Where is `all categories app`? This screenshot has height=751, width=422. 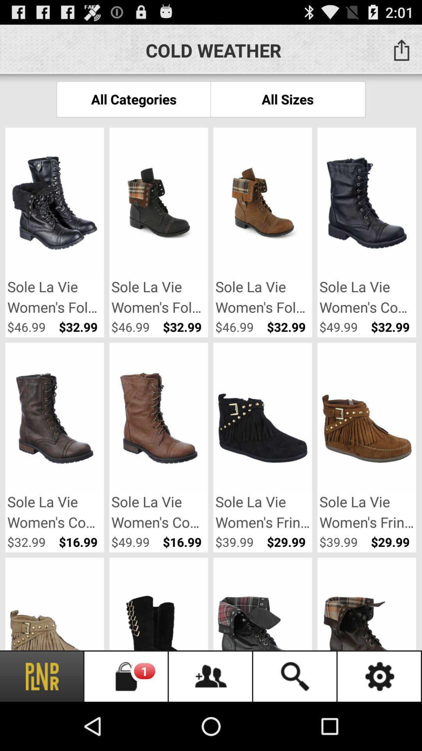
all categories app is located at coordinates (133, 99).